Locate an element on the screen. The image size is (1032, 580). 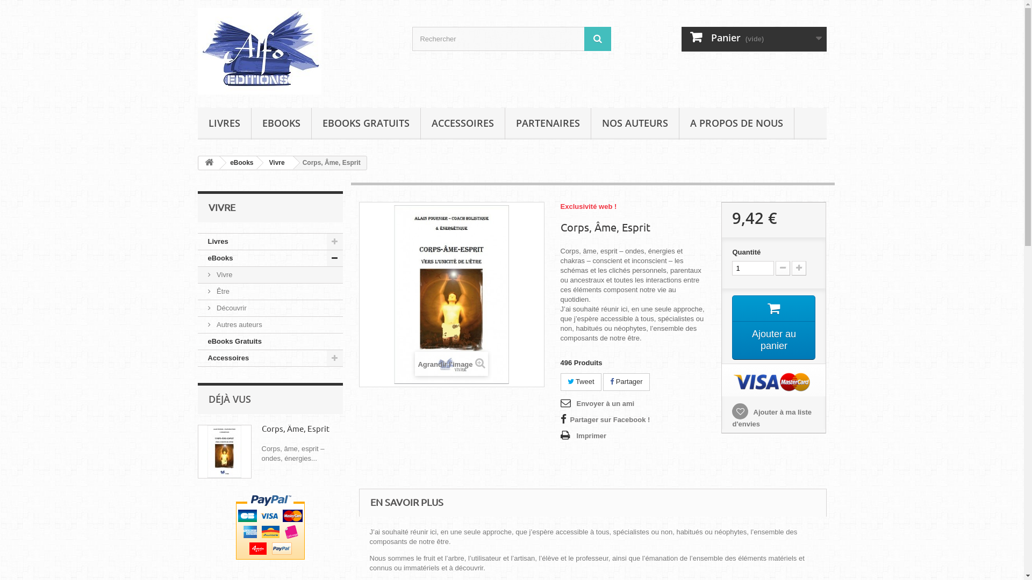
'EBOOKS' is located at coordinates (281, 123).